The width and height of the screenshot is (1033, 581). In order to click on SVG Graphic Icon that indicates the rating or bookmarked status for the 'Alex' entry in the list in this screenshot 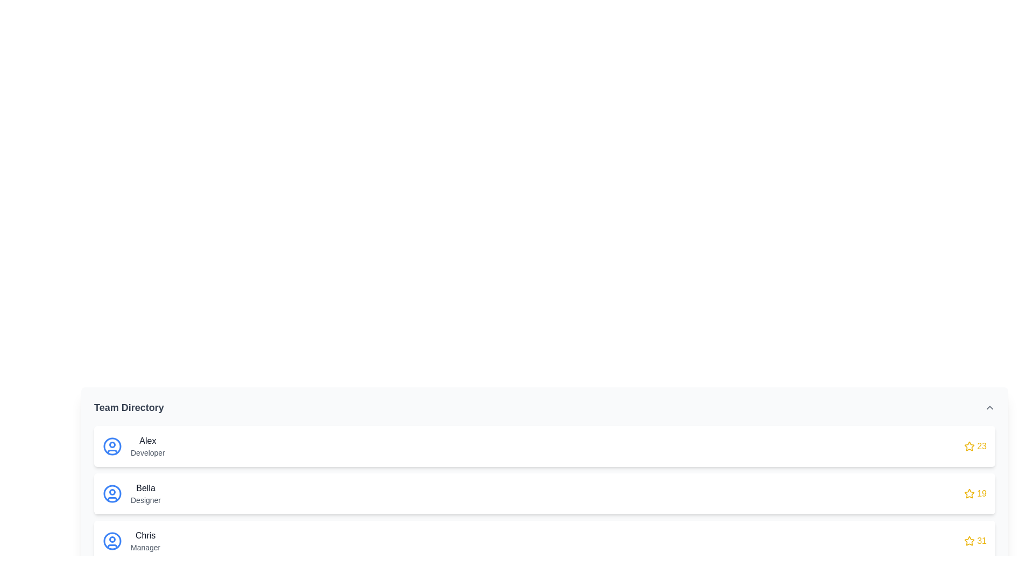, I will do `click(970, 446)`.